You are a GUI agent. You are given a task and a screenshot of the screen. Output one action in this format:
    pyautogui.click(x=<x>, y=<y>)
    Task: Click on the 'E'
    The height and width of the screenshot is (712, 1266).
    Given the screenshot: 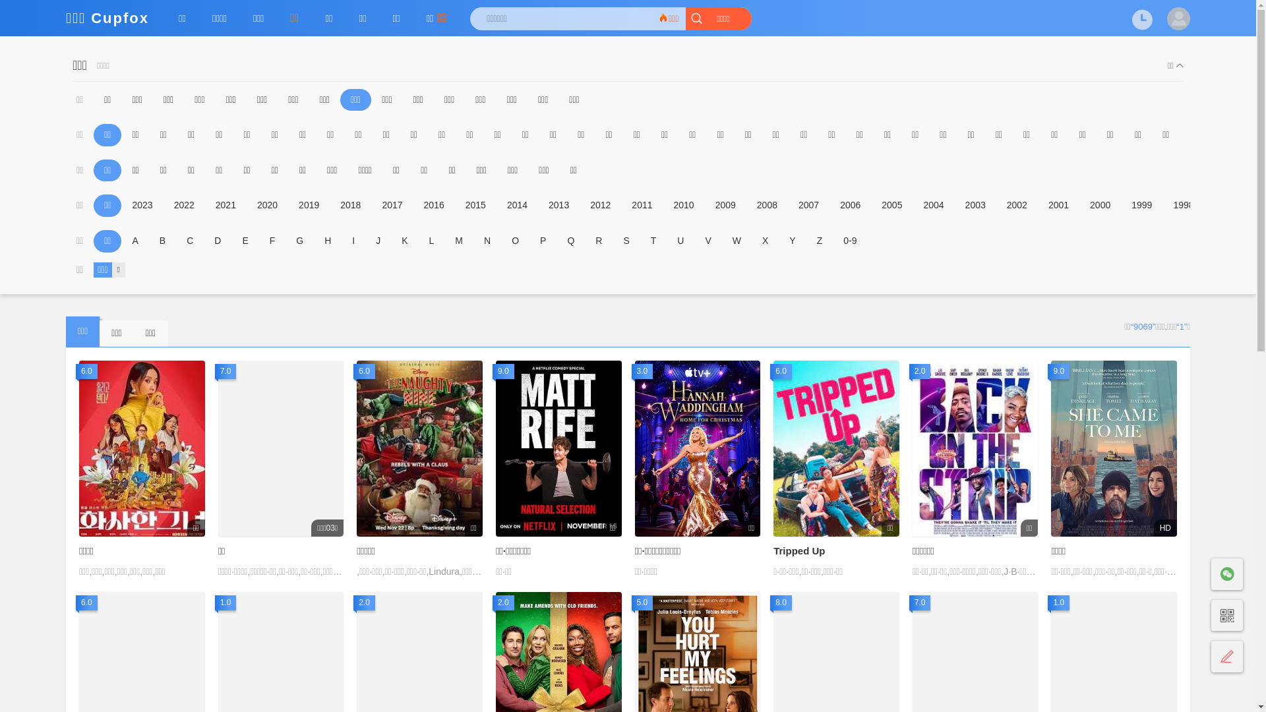 What is the action you would take?
    pyautogui.click(x=245, y=241)
    